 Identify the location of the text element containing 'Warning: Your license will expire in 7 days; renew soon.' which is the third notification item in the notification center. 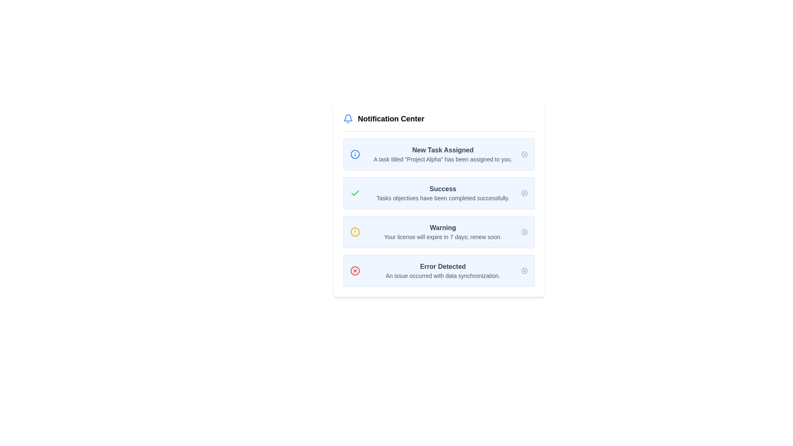
(442, 232).